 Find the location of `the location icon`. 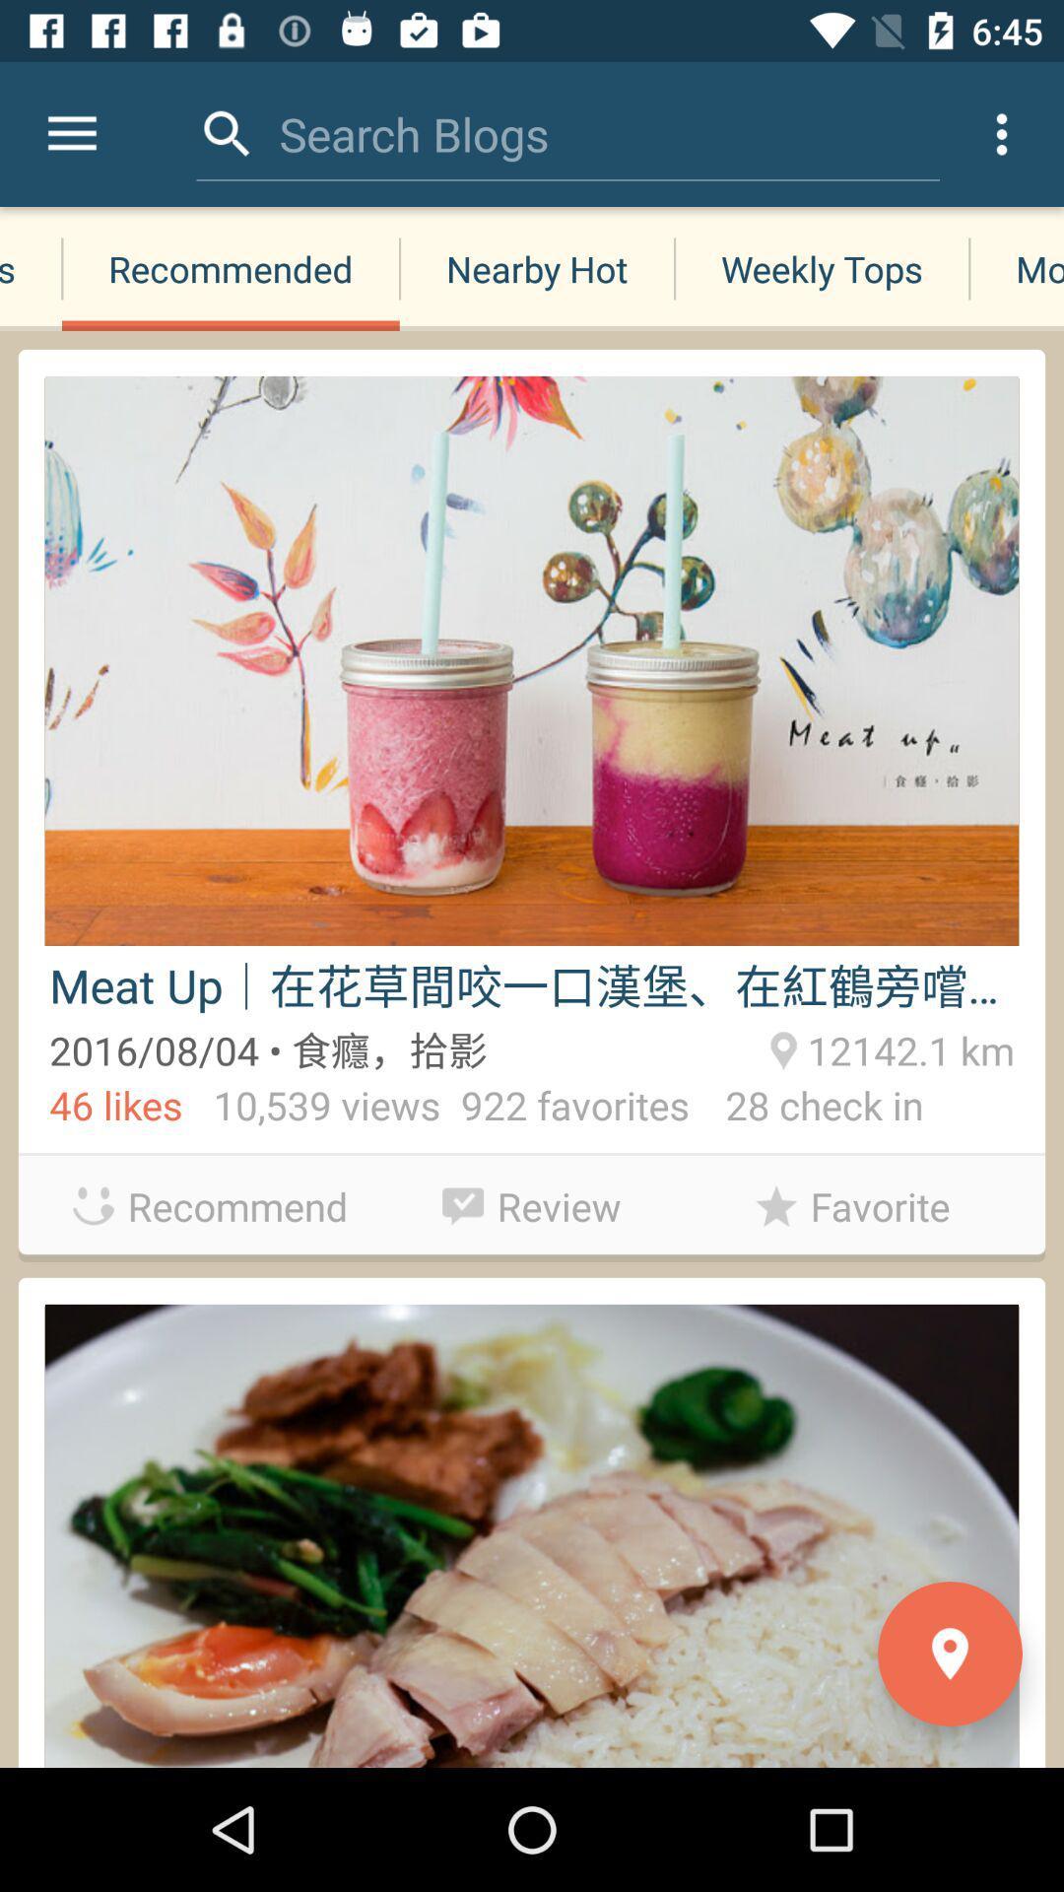

the location icon is located at coordinates (949, 1654).